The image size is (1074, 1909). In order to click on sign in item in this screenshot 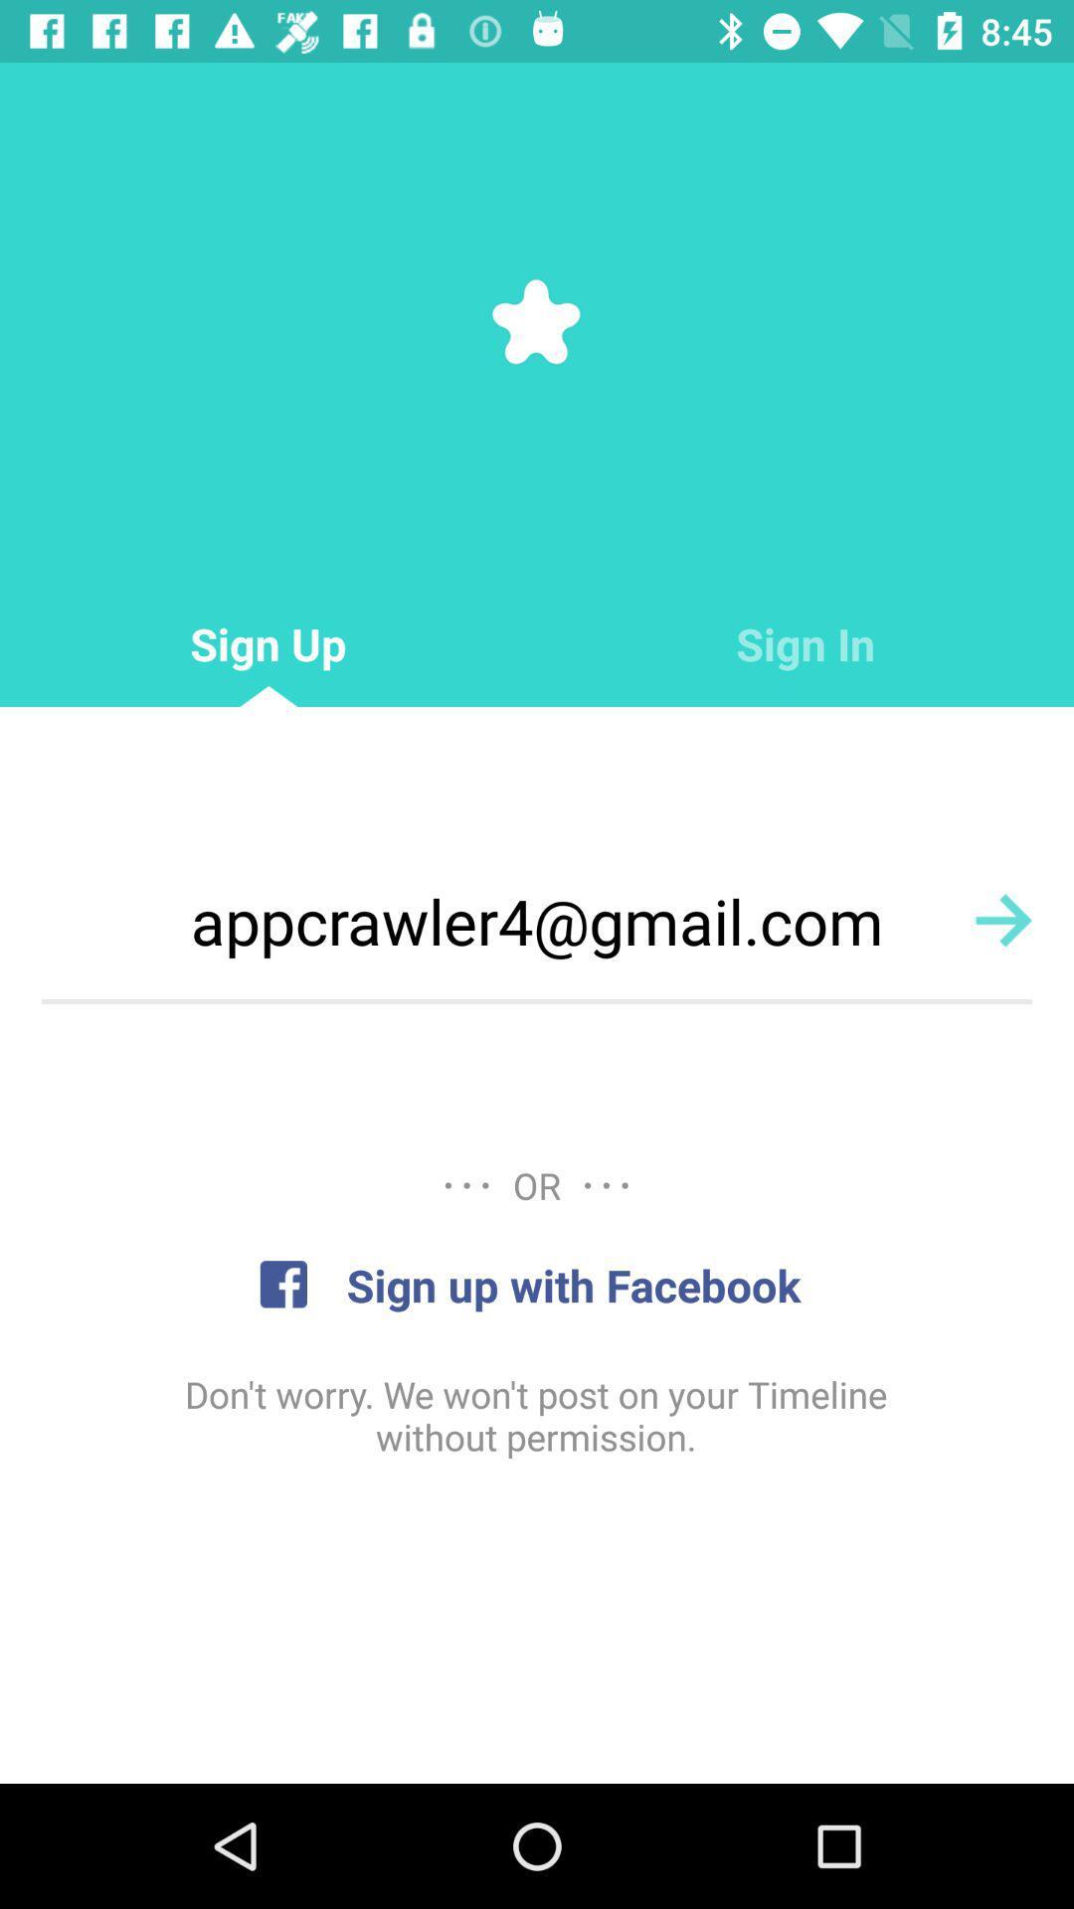, I will do `click(805, 644)`.